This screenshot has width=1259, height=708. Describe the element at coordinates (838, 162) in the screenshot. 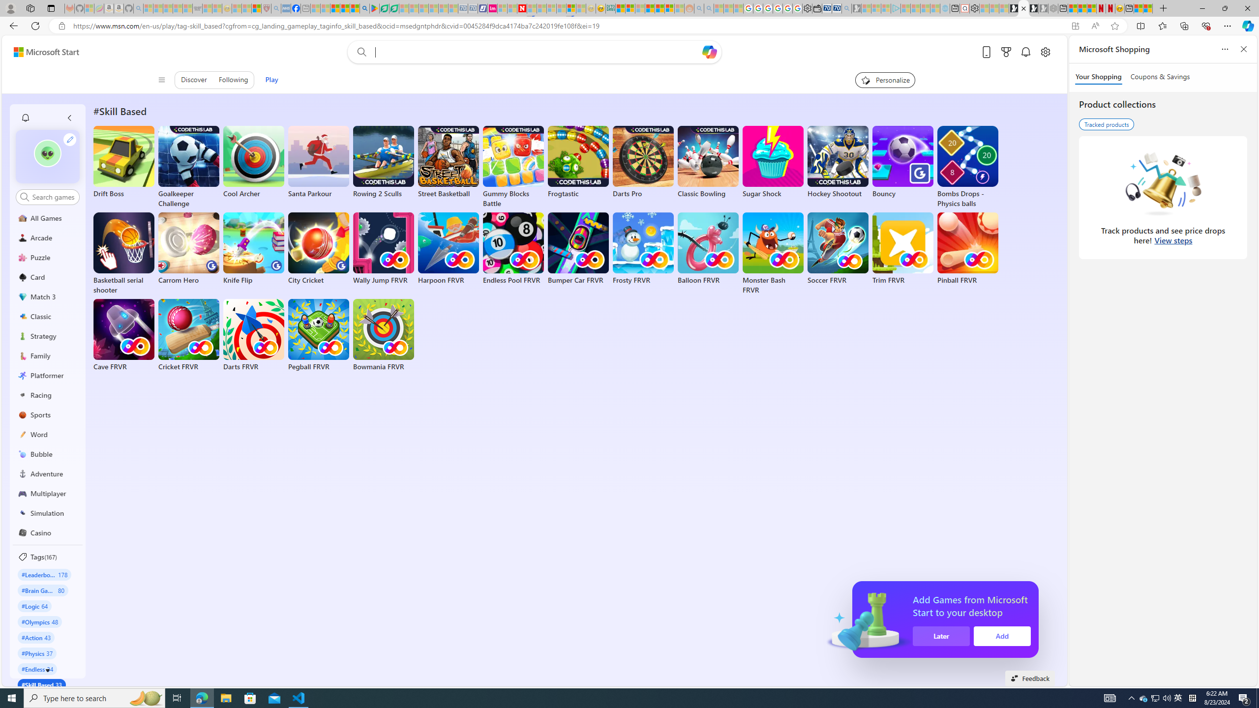

I see `'Hockey Shootout'` at that location.